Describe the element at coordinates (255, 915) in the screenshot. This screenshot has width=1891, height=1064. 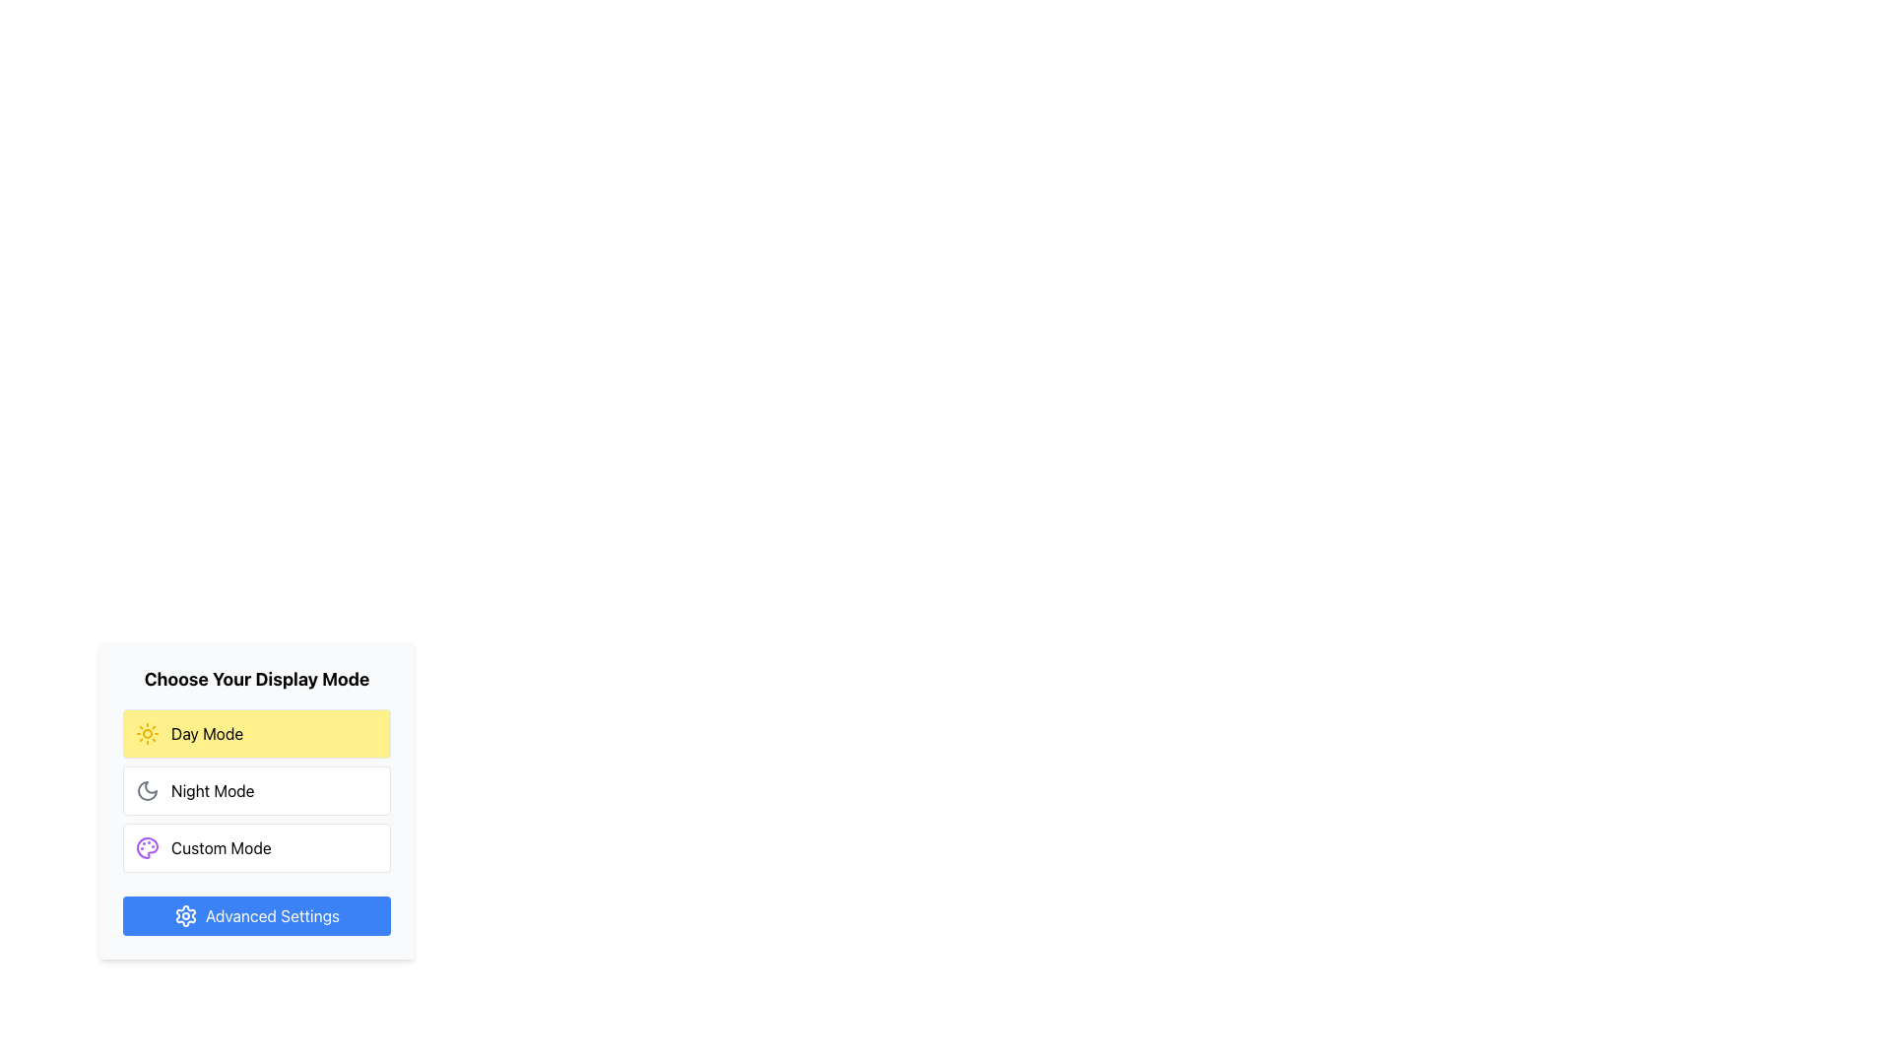
I see `the 'Advanced Settings' button, which is a rounded rectangular blue button with white text, located below the 'Custom Mode' option in the 'Choose Your Display Mode' section` at that location.